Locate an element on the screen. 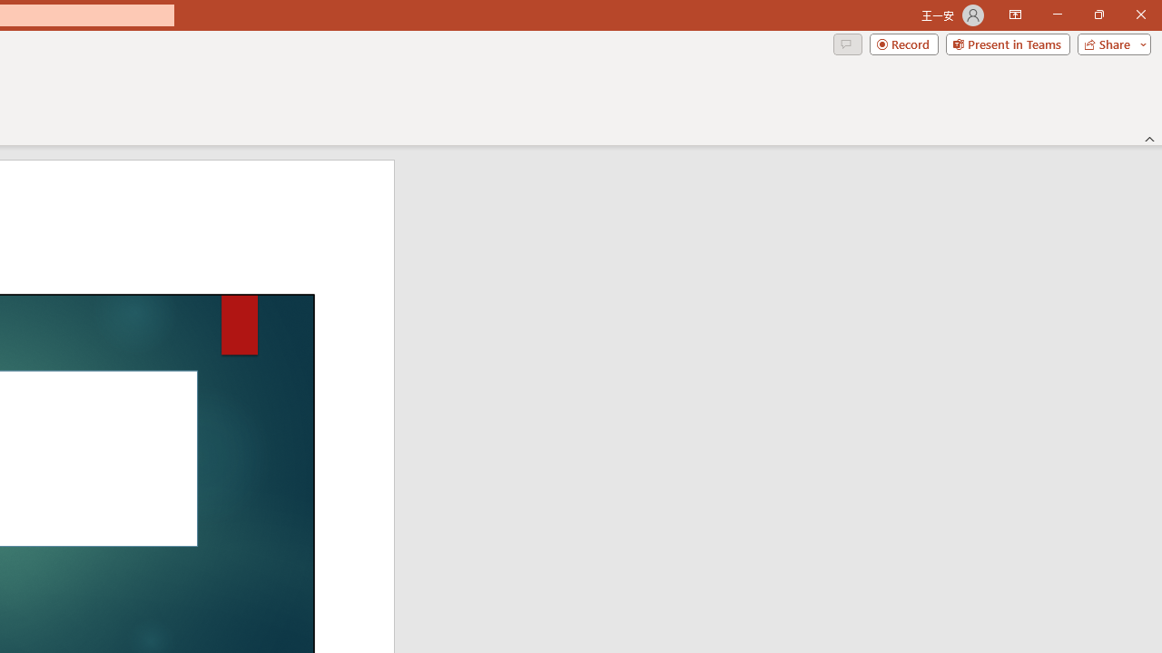 The height and width of the screenshot is (653, 1162). 'Comments' is located at coordinates (846, 43).